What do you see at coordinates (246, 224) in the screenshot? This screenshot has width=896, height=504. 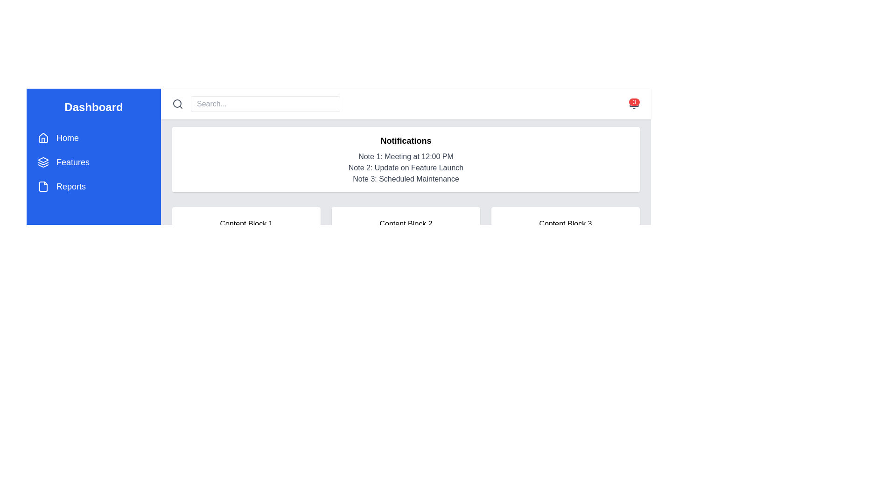 I see `the Content card with the text 'Content Block 1', which is a rectangular block with a white background and rounded corners, positioned at the top-left of the central content area` at bounding box center [246, 224].